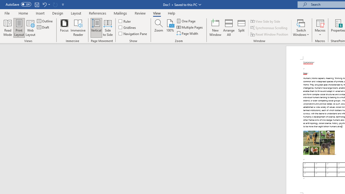 The width and height of the screenshot is (345, 194). What do you see at coordinates (301, 28) in the screenshot?
I see `'Switch Windows'` at bounding box center [301, 28].